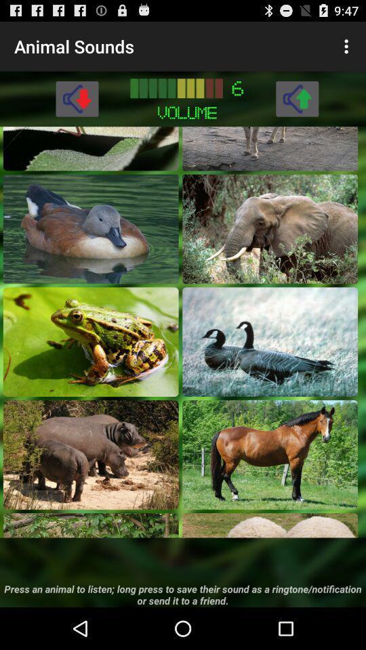 This screenshot has height=650, width=366. I want to click on image selection, so click(270, 525).